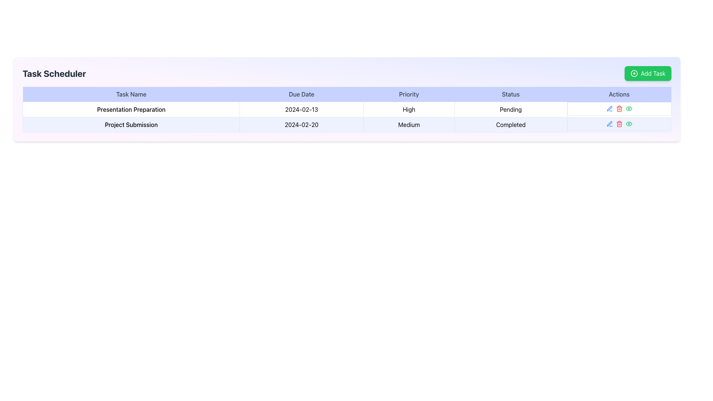 Image resolution: width=713 pixels, height=401 pixels. Describe the element at coordinates (510, 94) in the screenshot. I see `the 'Status' label, which is a text element styled with a medium-weight font on a light indigo background, located in the fourth position of a table-style header row between 'Priority' and 'Actions'` at that location.